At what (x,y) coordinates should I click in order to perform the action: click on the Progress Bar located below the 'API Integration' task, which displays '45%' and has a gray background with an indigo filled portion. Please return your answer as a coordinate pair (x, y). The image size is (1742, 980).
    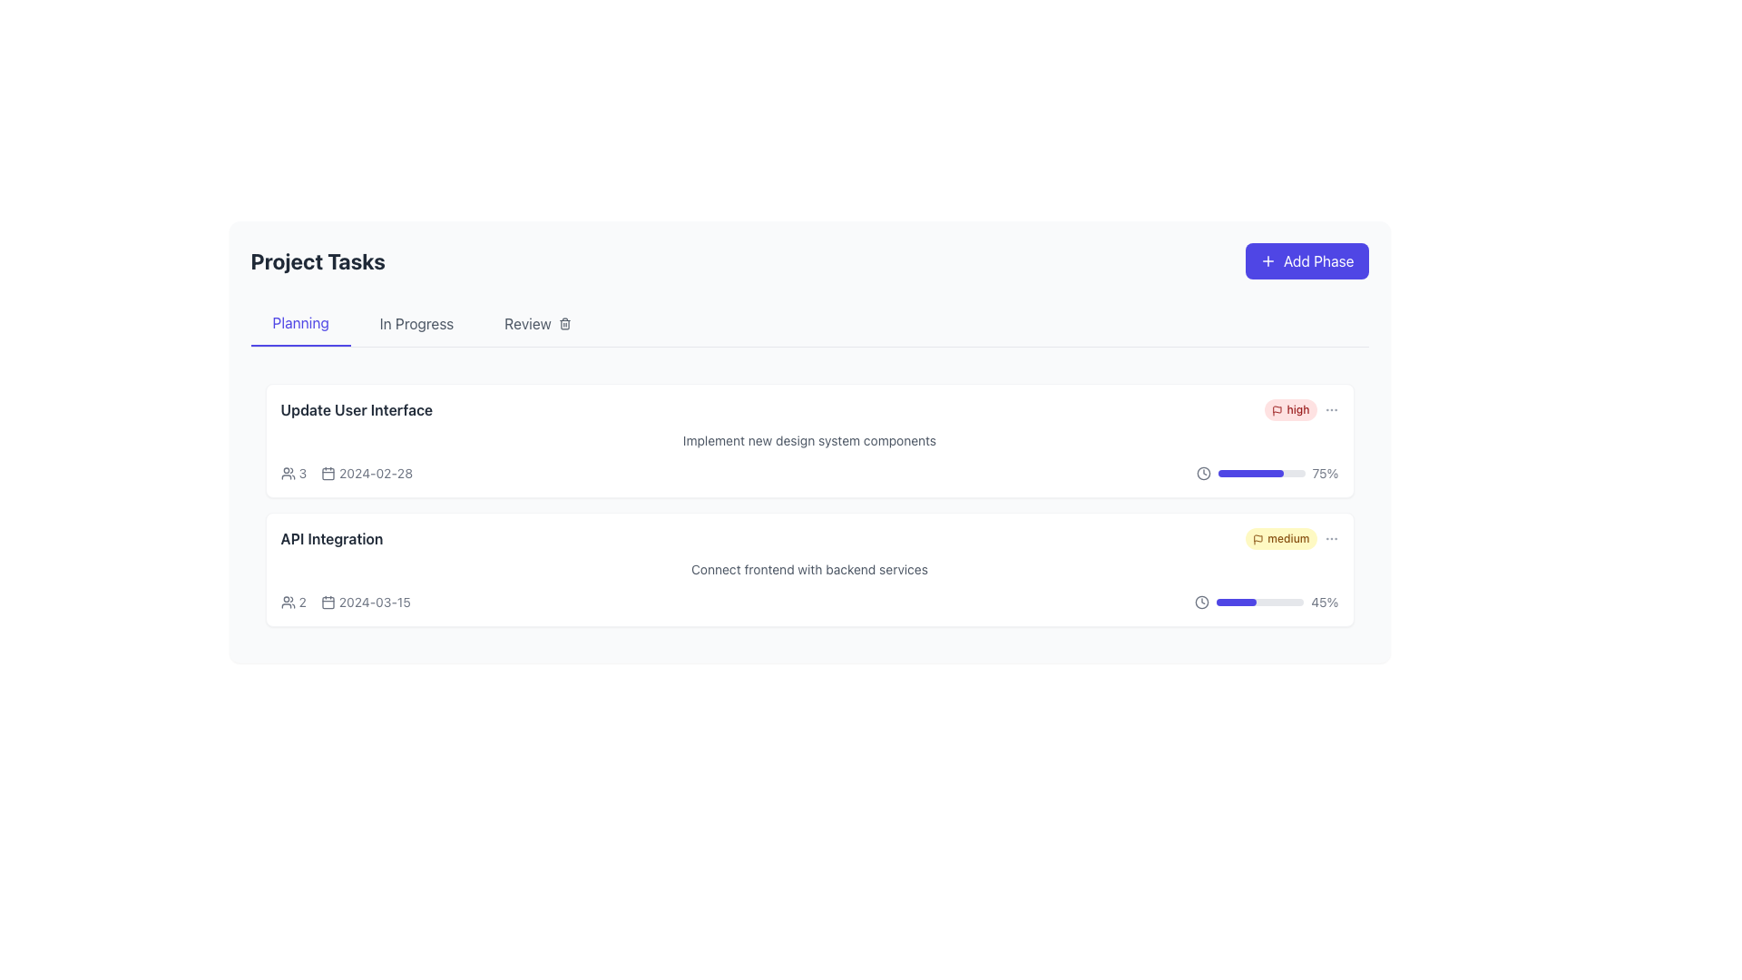
    Looking at the image, I should click on (1259, 602).